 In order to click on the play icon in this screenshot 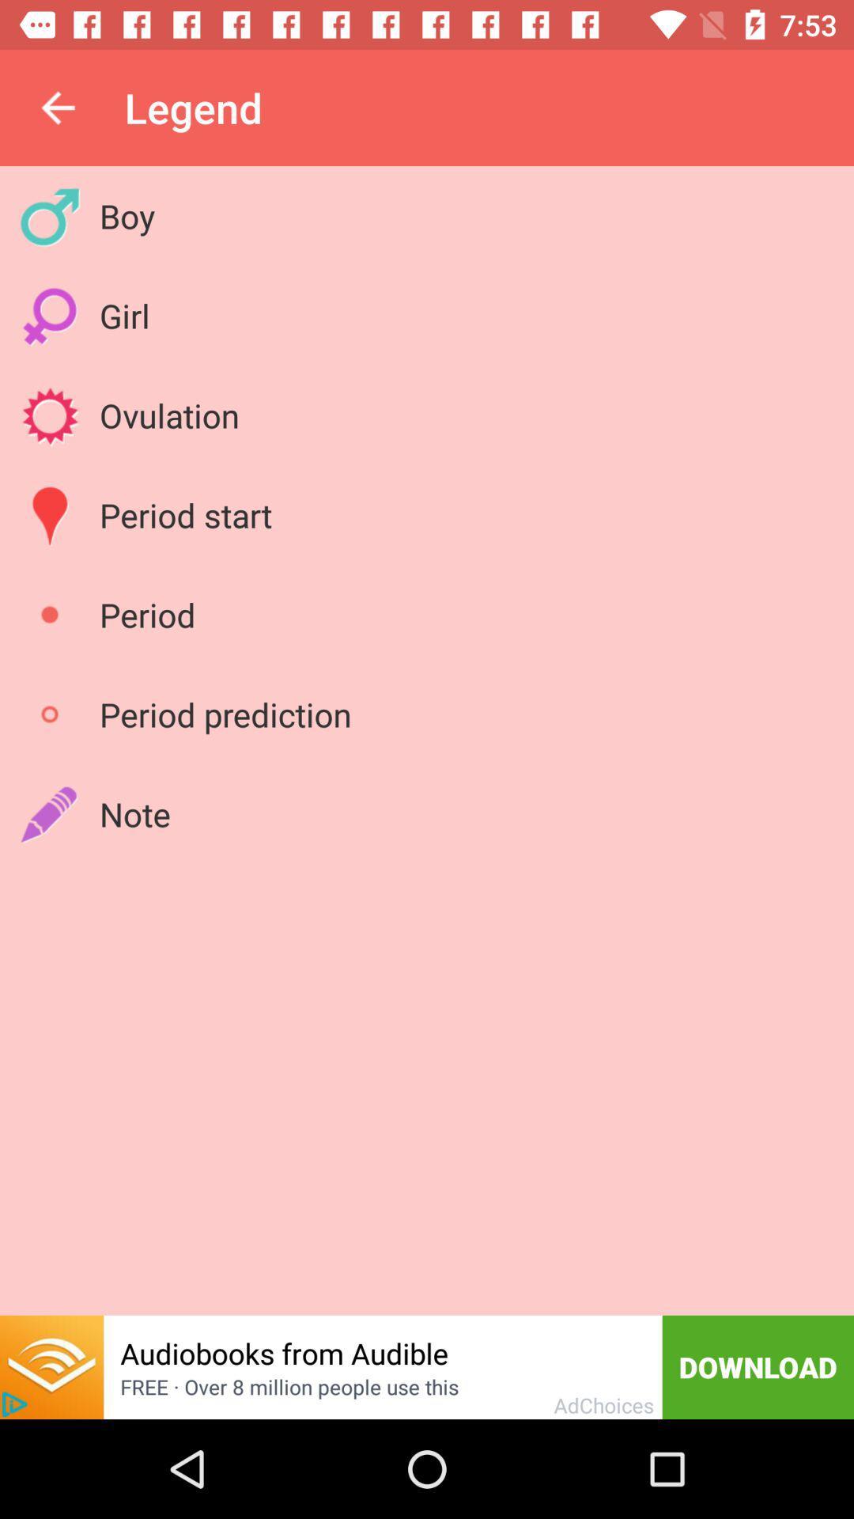, I will do `click(14, 1404)`.